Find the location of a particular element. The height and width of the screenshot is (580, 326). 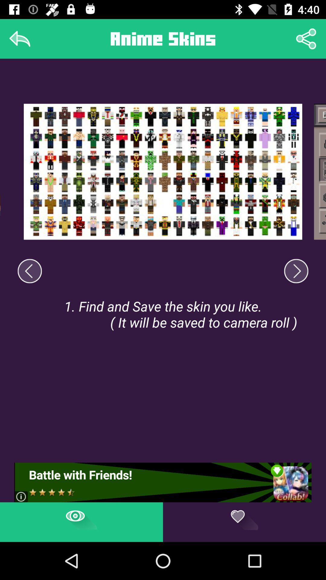

the reply icon is located at coordinates (19, 38).